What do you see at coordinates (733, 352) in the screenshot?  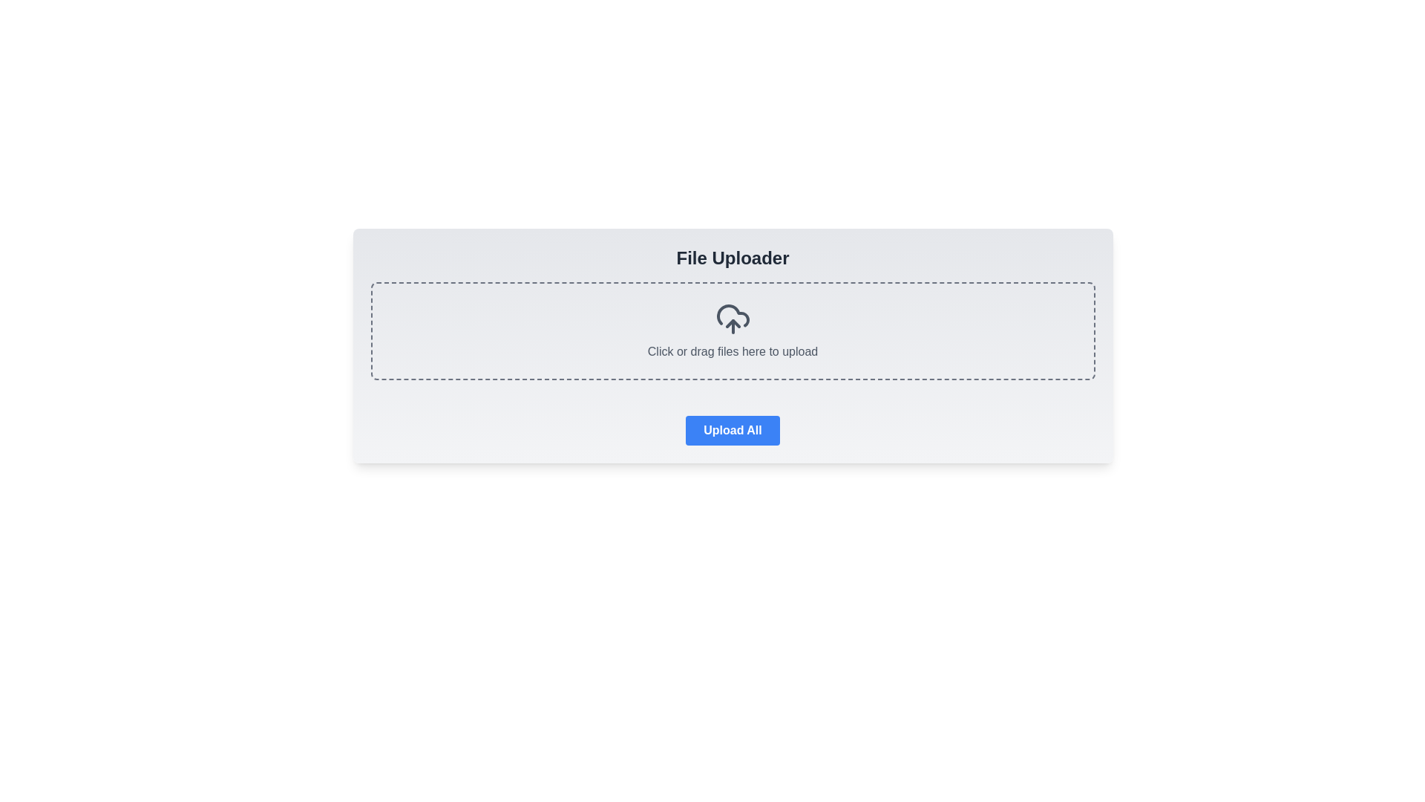 I see `the instructional text in the file upload interface, which is positioned near the bottom of a dashed rectangle, below an upload icon` at bounding box center [733, 352].